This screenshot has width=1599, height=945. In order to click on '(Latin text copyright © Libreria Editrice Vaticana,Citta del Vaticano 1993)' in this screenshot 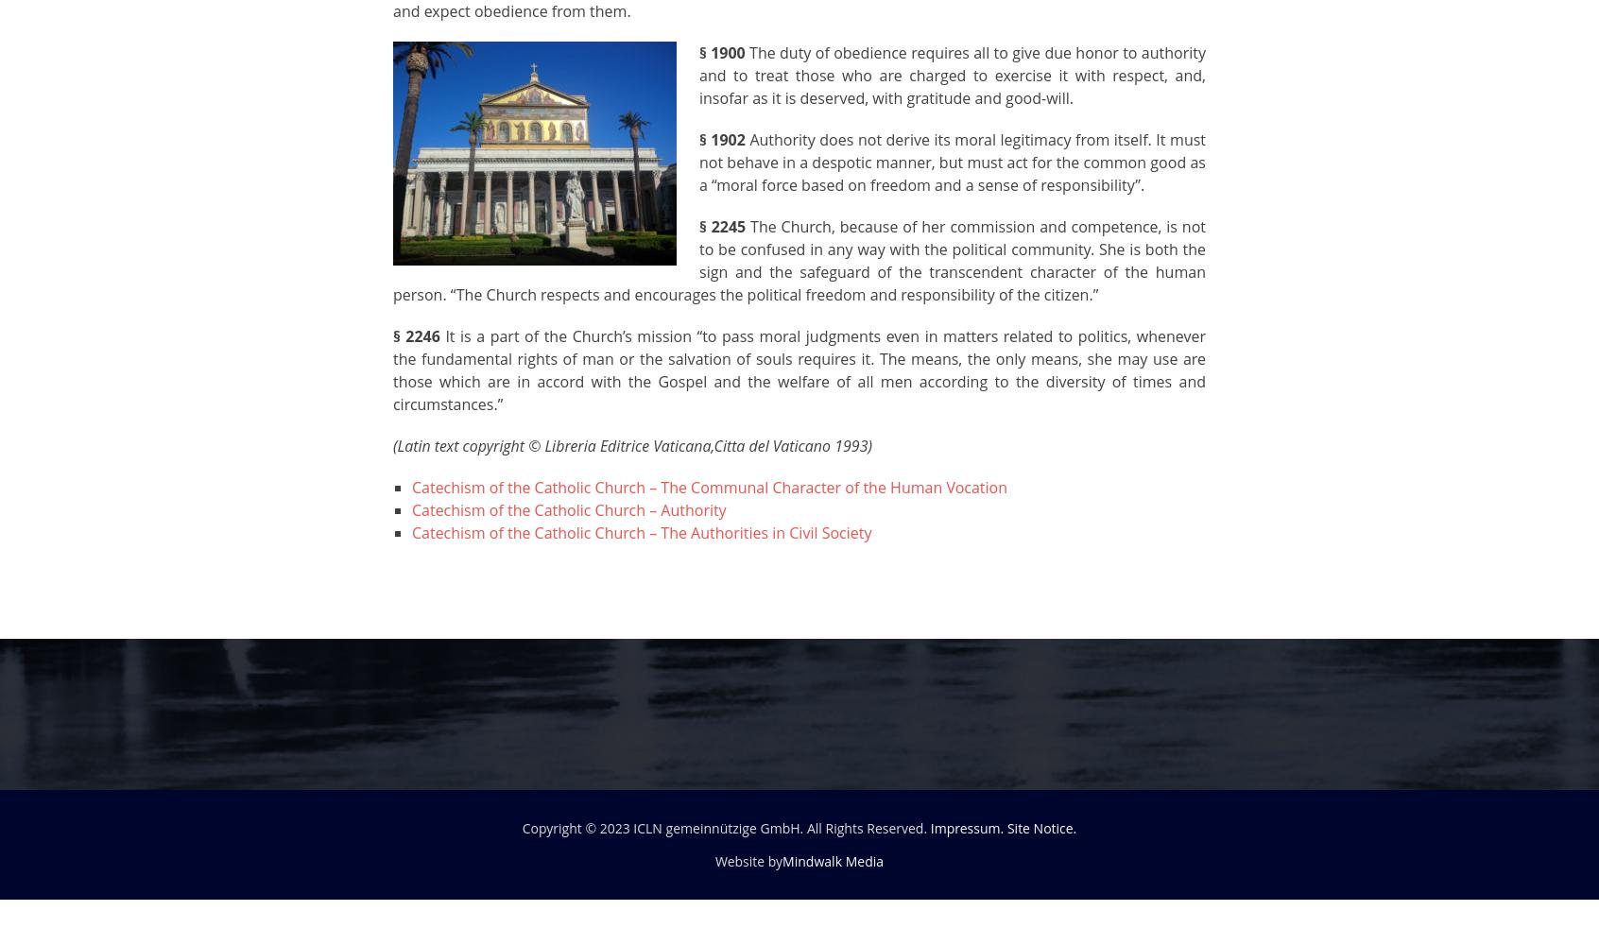, I will do `click(632, 445)`.